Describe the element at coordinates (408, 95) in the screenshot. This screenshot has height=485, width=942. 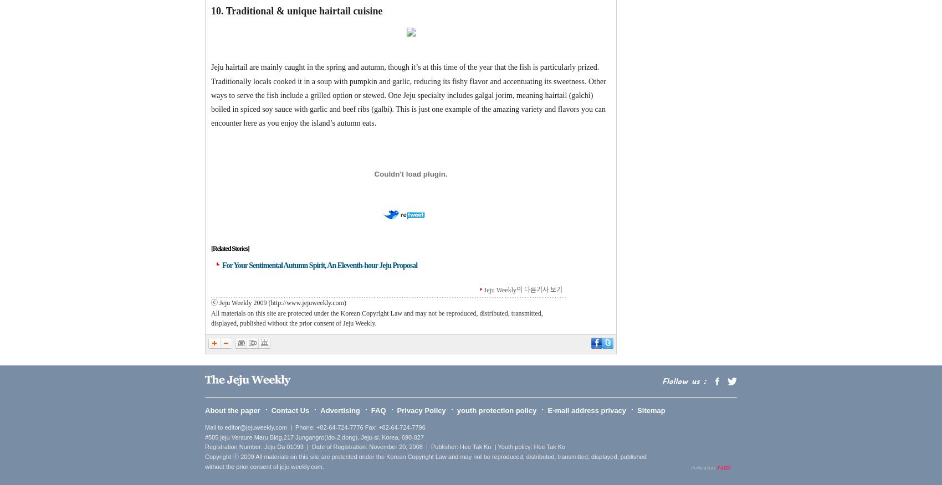
I see `'Jeju hairtail are mainly caught in the spring and autumn, though it’s at this time of the year that the fish is particularly prized. Traditionally locals cooked it in a soup with pumpkin and garlic, reducing its fishy flavor and accentuating its sweetness. Other ways to serve the fish include a grilled option or stewed. One Jeju specialty includes galgal jorim, meaning hairtail (galchi) boiled in spiced soy sauce with garlic and beef ribs (galbi). This is just one example of the amazing variety and flavors you can encounter here as you enjoy the island’s autumn eats.'` at that location.